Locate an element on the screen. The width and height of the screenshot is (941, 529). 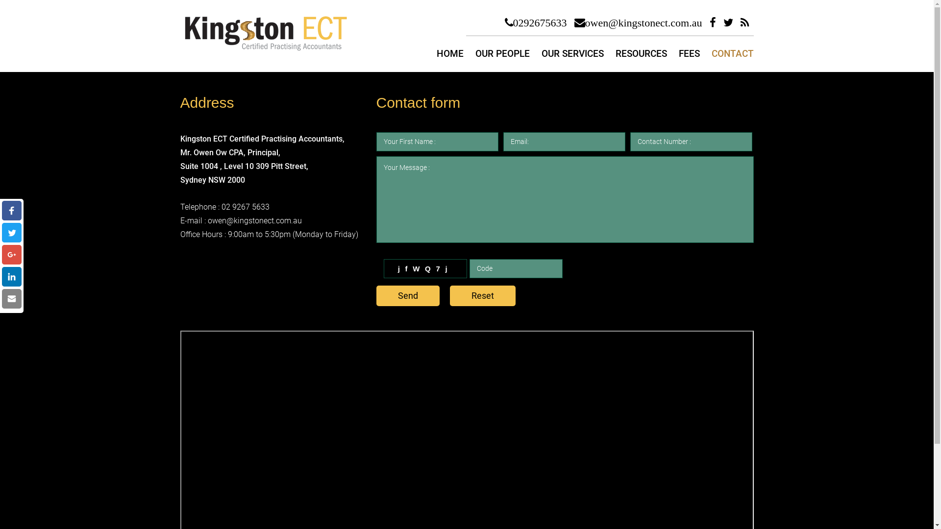
'Reset' is located at coordinates (482, 295).